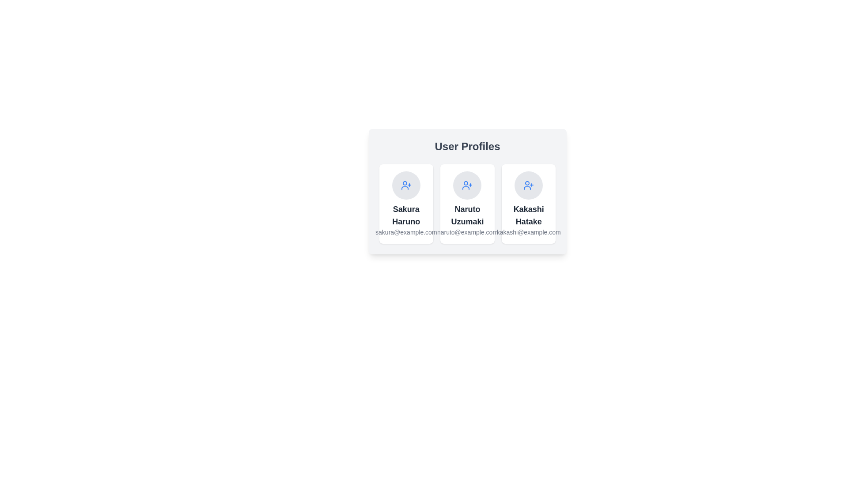  I want to click on the graphical icon at the top center of the 'Sakura Haruno' user profile card, which represents the option, so click(405, 185).